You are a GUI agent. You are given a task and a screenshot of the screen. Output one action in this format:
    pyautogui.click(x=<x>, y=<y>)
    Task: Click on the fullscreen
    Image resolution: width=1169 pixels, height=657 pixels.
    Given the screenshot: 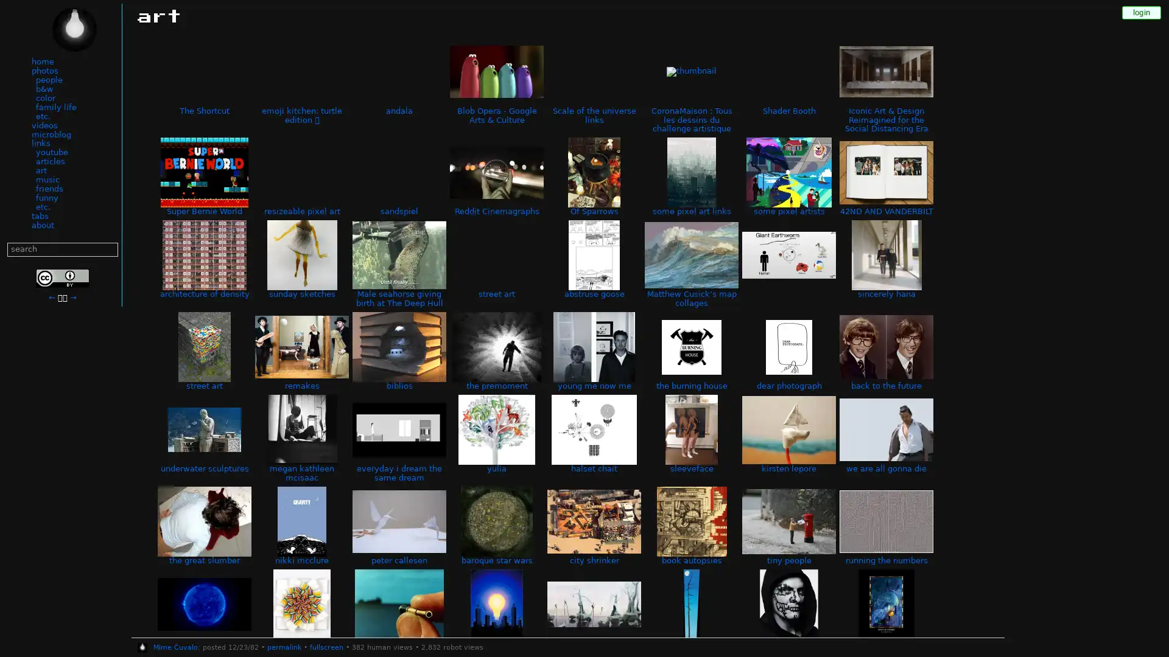 What is the action you would take?
    pyautogui.click(x=326, y=647)
    